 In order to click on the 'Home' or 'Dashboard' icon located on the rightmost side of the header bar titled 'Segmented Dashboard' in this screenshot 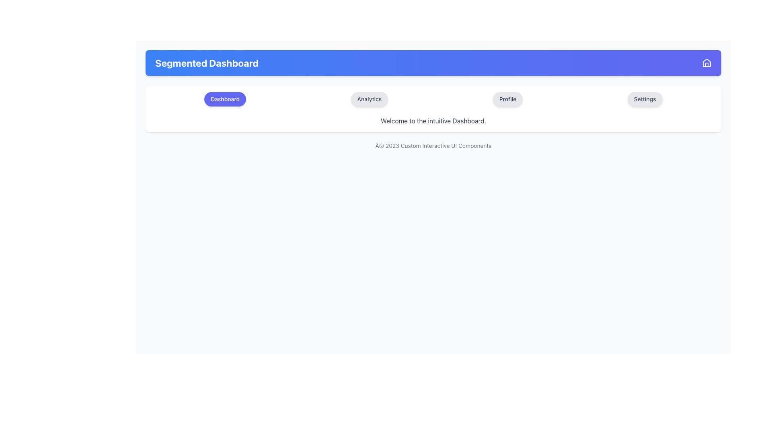, I will do `click(706, 63)`.